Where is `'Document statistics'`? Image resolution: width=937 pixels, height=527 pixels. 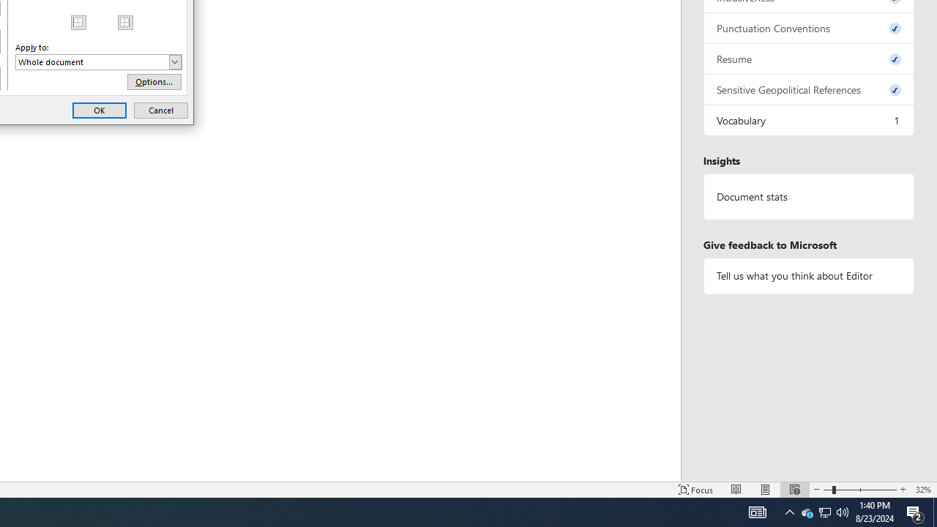
'Document statistics' is located at coordinates (808, 196).